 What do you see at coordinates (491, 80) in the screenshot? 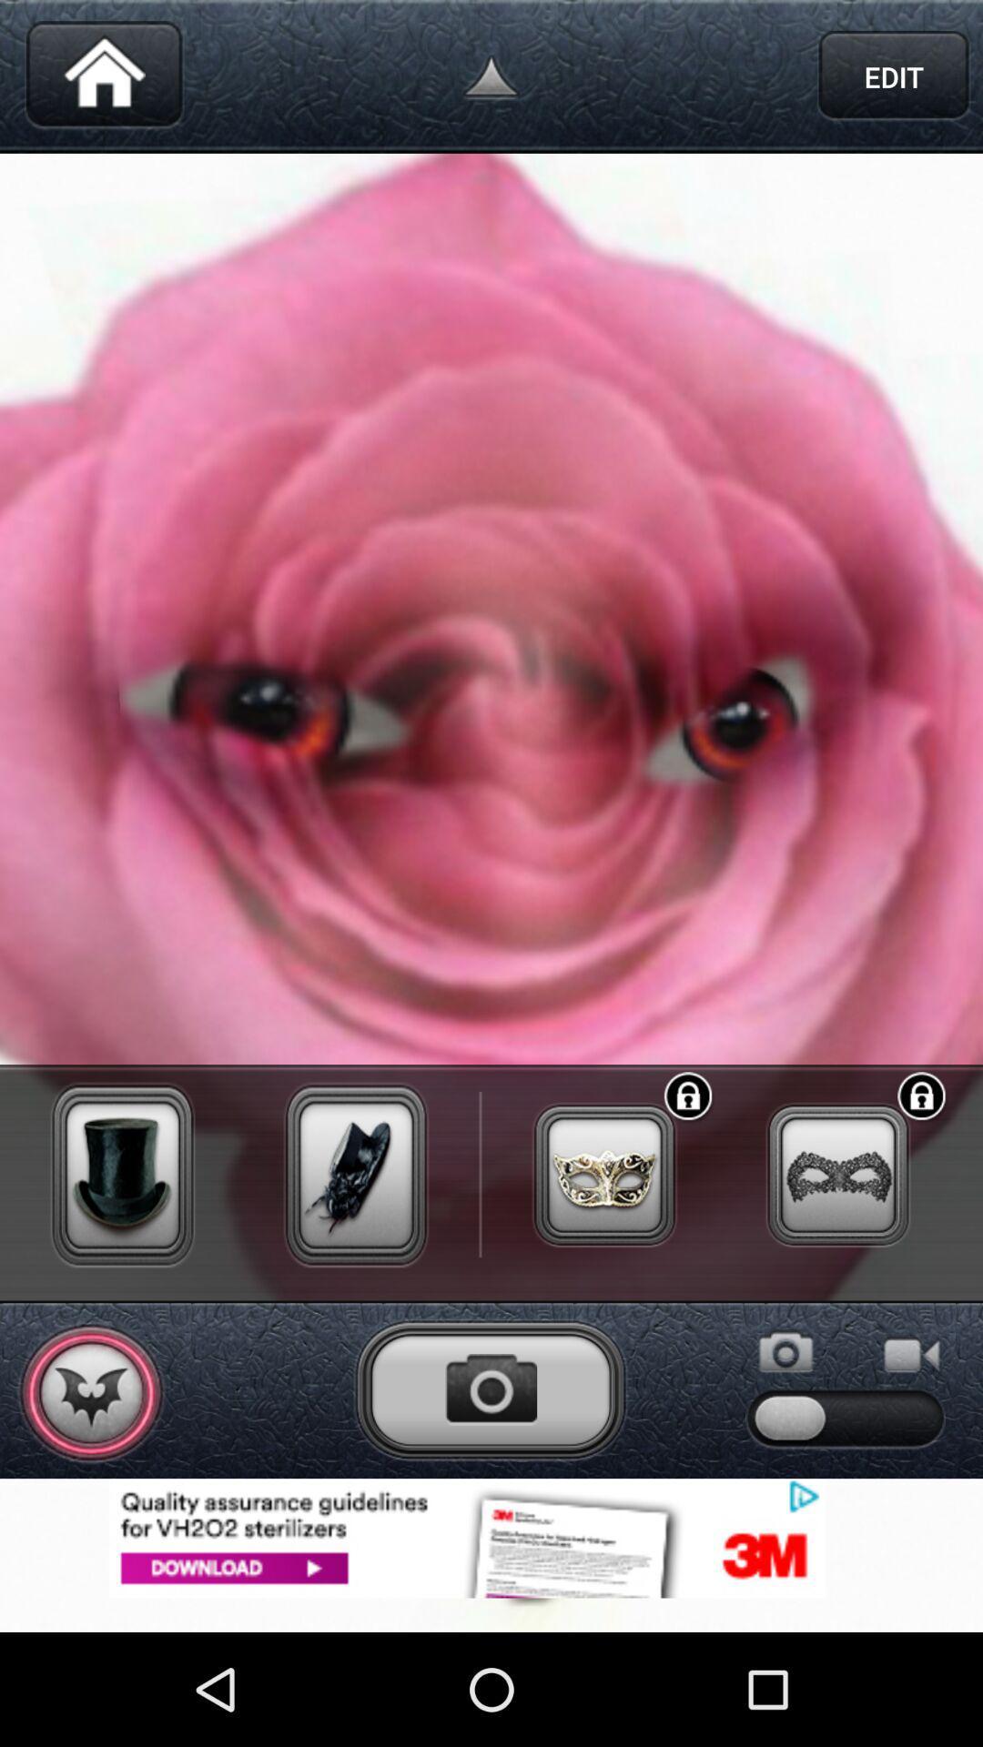
I see `the arrow_upward icon` at bounding box center [491, 80].